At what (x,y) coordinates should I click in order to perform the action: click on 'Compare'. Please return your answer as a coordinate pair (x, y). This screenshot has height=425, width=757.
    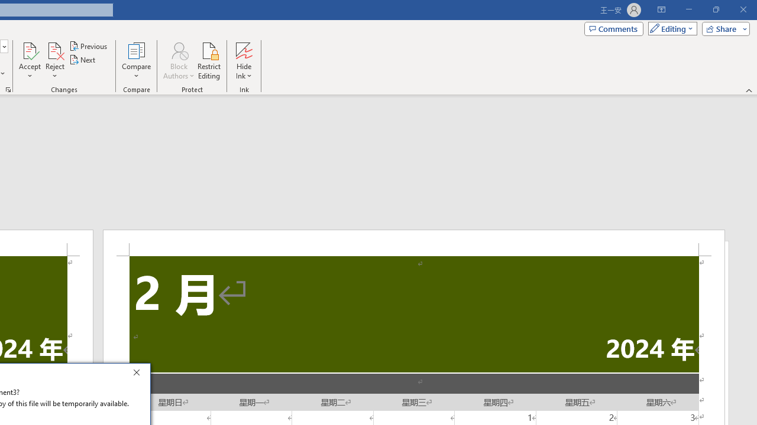
    Looking at the image, I should click on (137, 61).